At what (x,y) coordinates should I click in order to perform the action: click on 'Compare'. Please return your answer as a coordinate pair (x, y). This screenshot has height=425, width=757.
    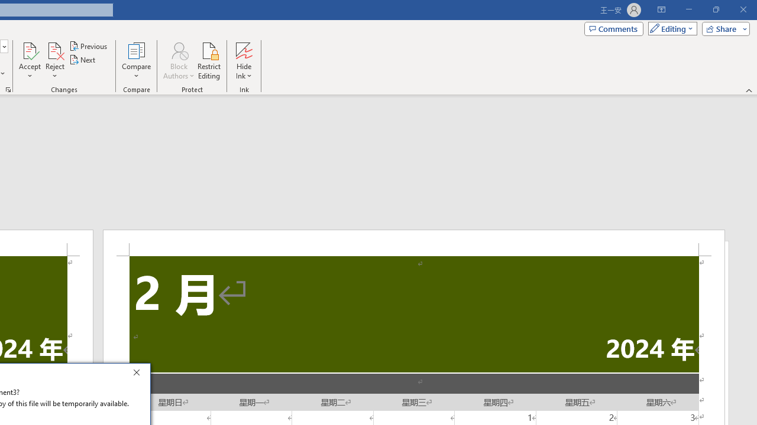
    Looking at the image, I should click on (137, 61).